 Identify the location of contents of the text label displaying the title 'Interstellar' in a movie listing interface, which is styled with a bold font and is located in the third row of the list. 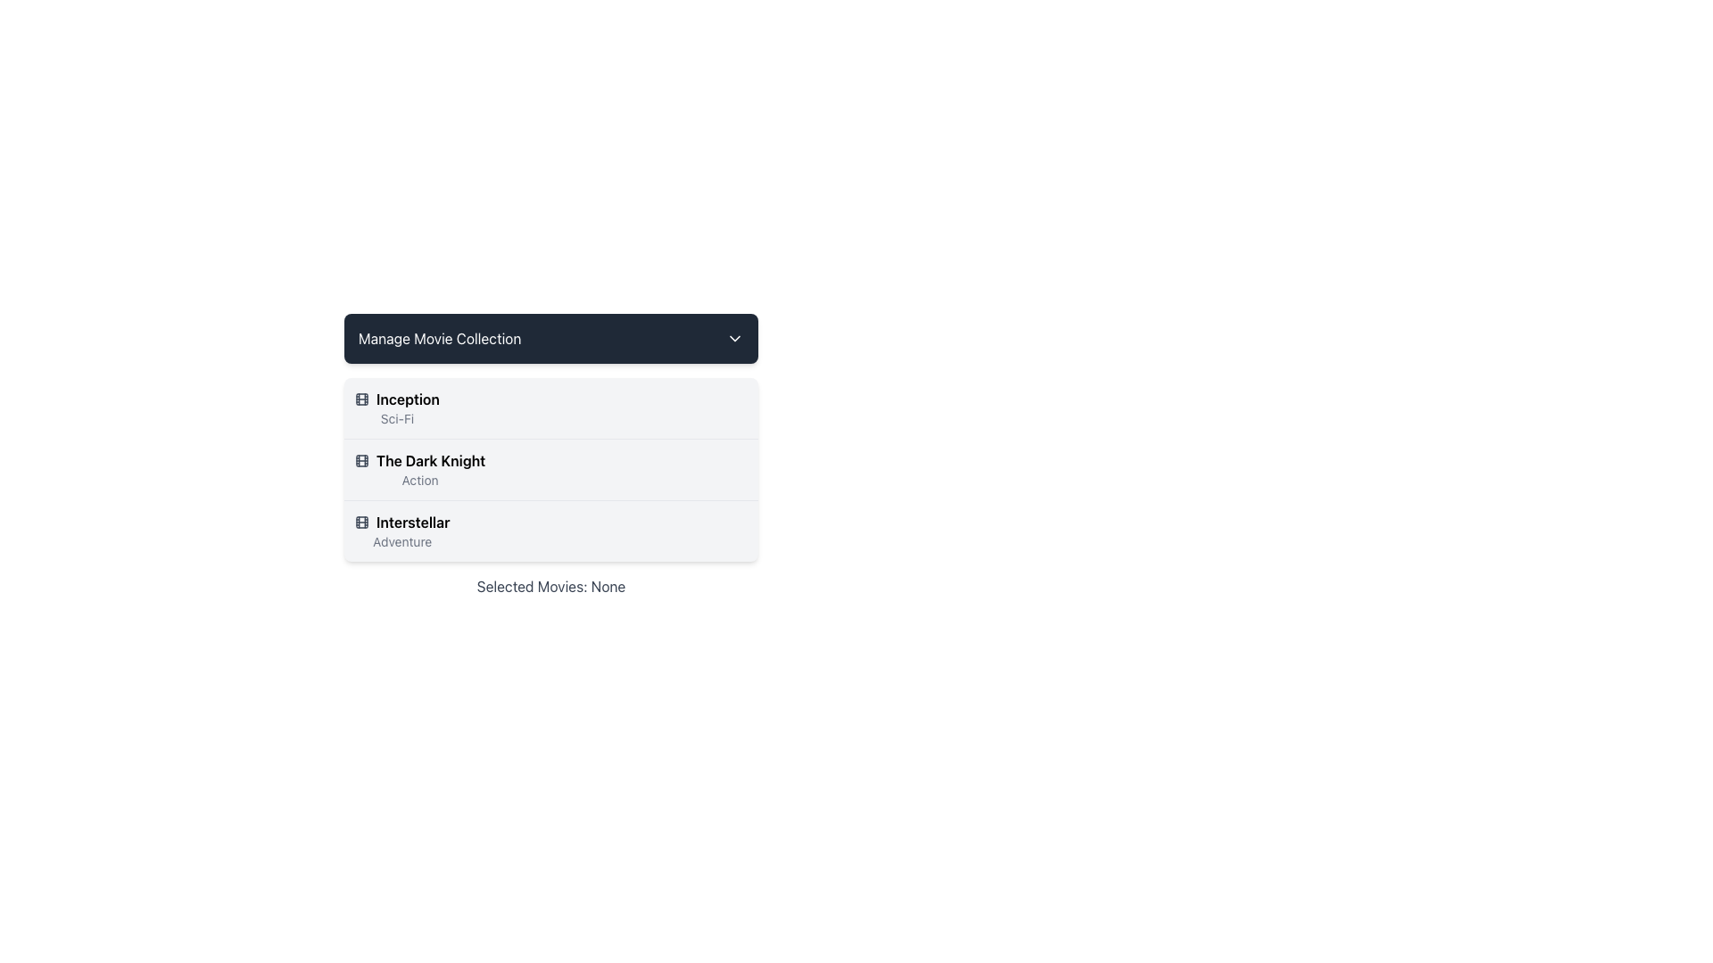
(401, 522).